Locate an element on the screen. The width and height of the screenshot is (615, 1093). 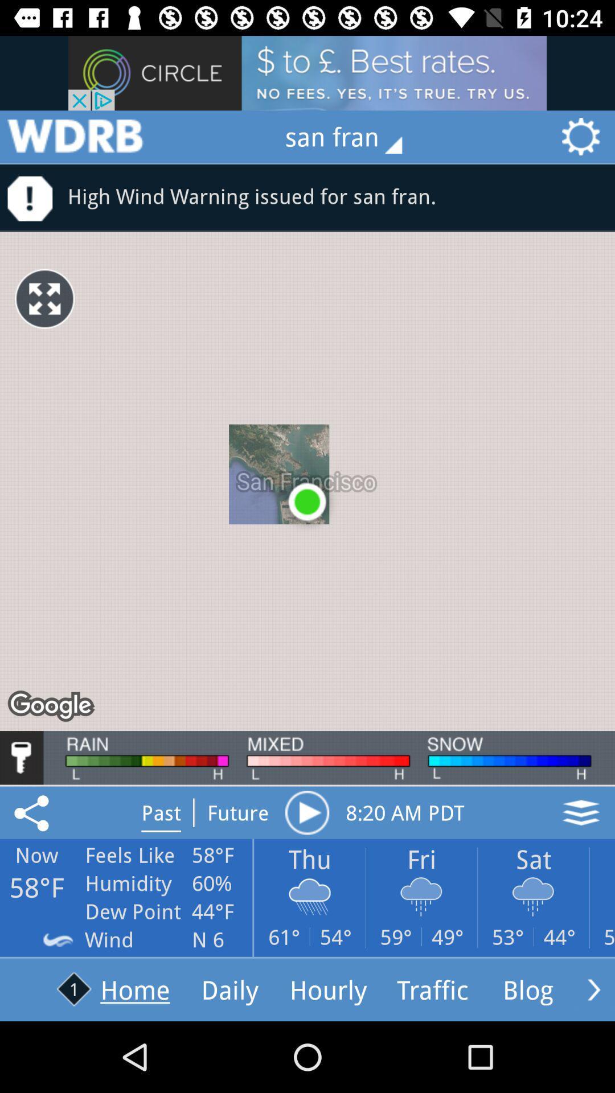
see advertisement is located at coordinates (307, 72).